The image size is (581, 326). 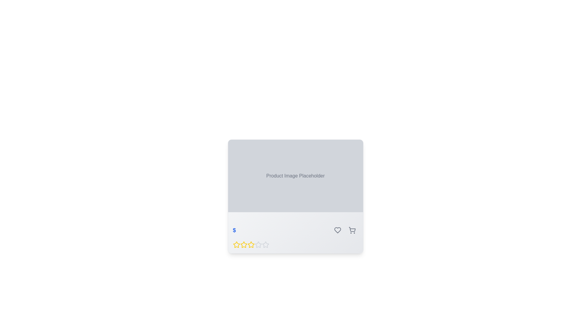 I want to click on the shopping cart icon, which is the rightmost icon in a group of three at the bottom-right section of the card component, so click(x=352, y=229).